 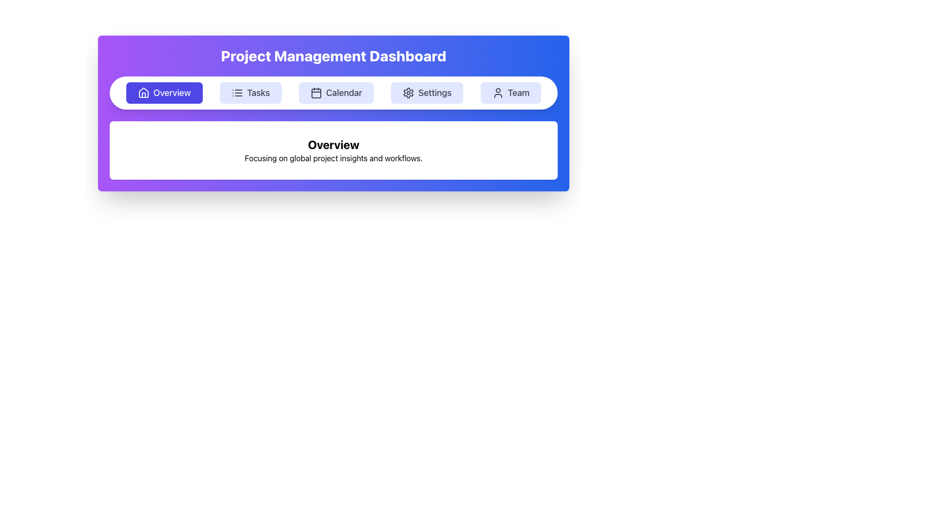 I want to click on the gear icon representing settings, which is located within the 'Settings' button, so click(x=409, y=93).